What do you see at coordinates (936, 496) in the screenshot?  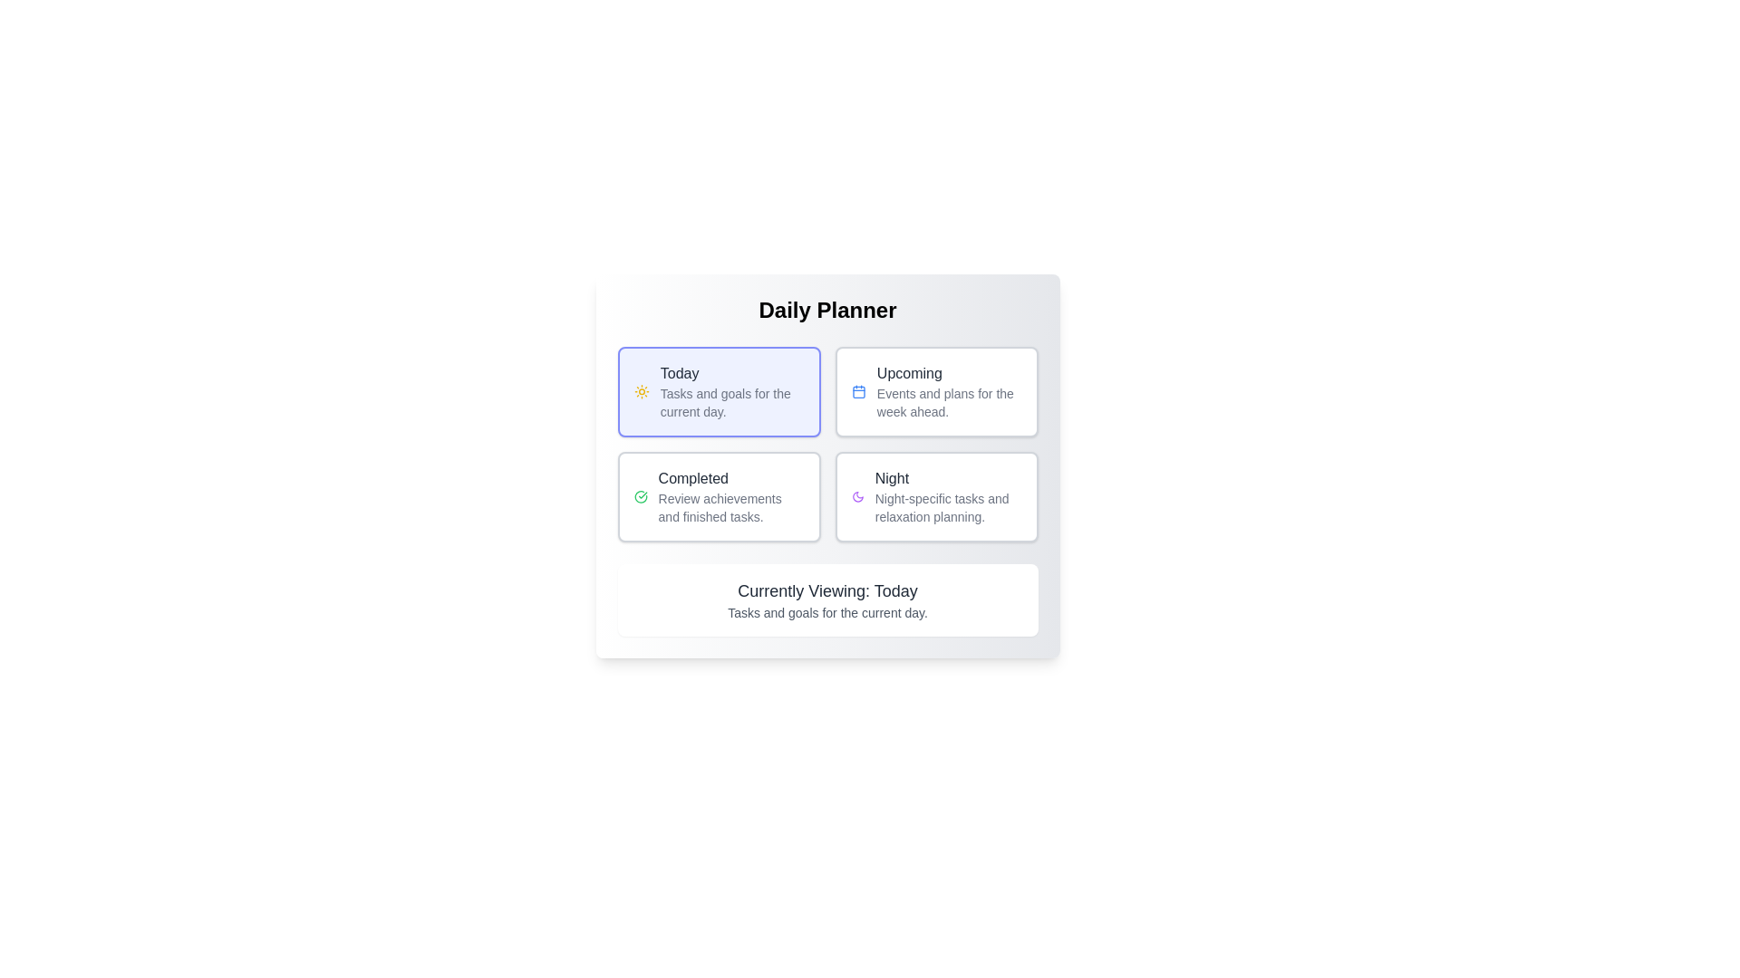 I see `the 'Night' button with a purple moon icon, located at the bottom-right of the grid for accessibility` at bounding box center [936, 496].